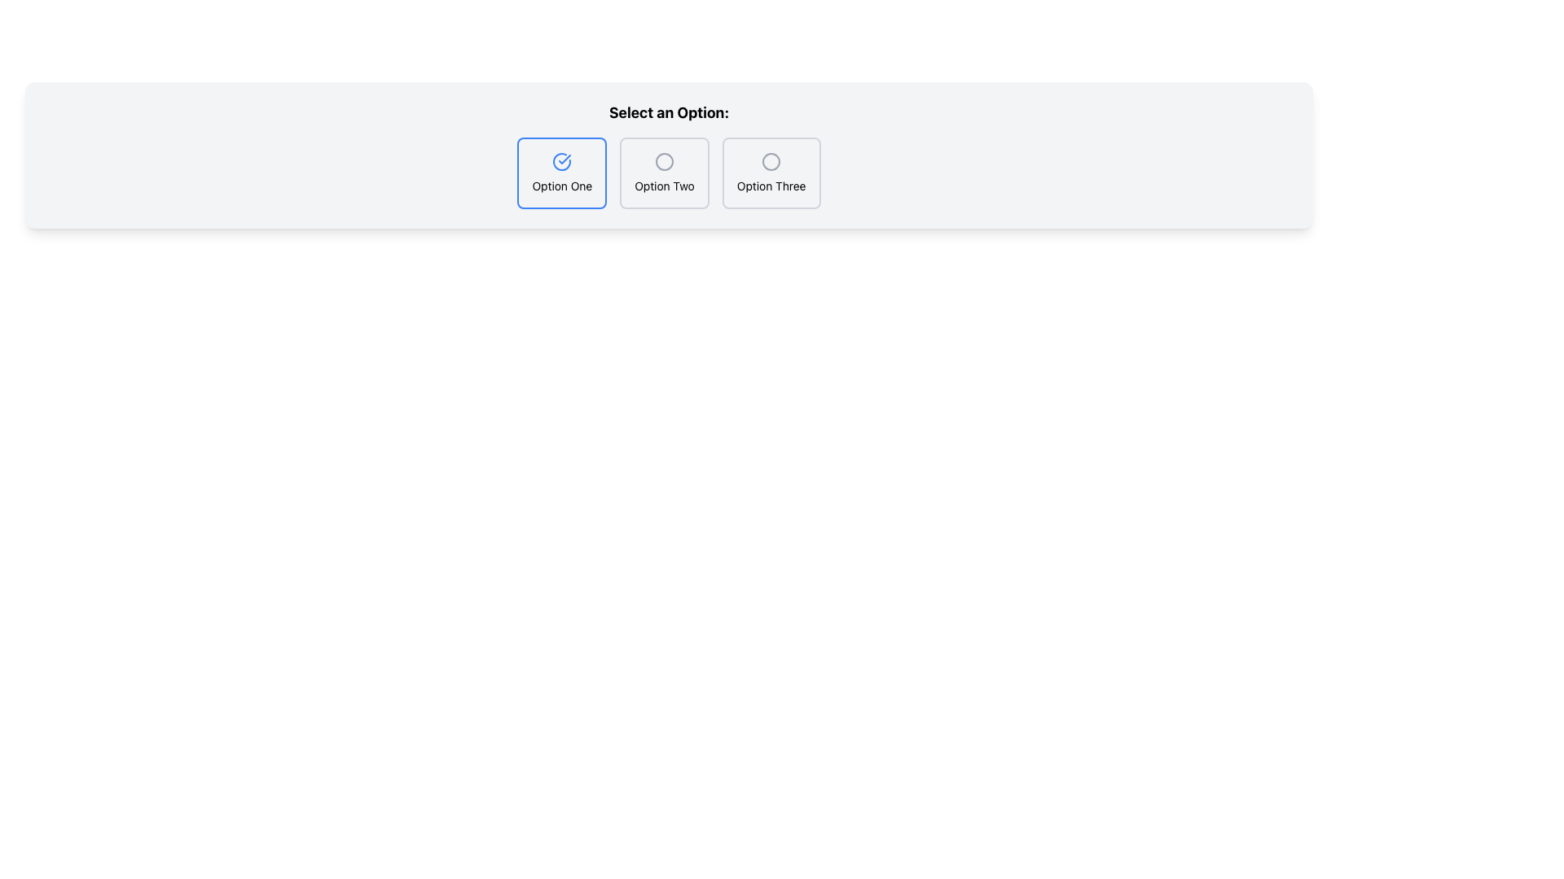 This screenshot has height=879, width=1564. Describe the element at coordinates (565, 160) in the screenshot. I see `the tick mark icon within the circular SVG element that indicates selection for the 'Option One' radio button` at that location.